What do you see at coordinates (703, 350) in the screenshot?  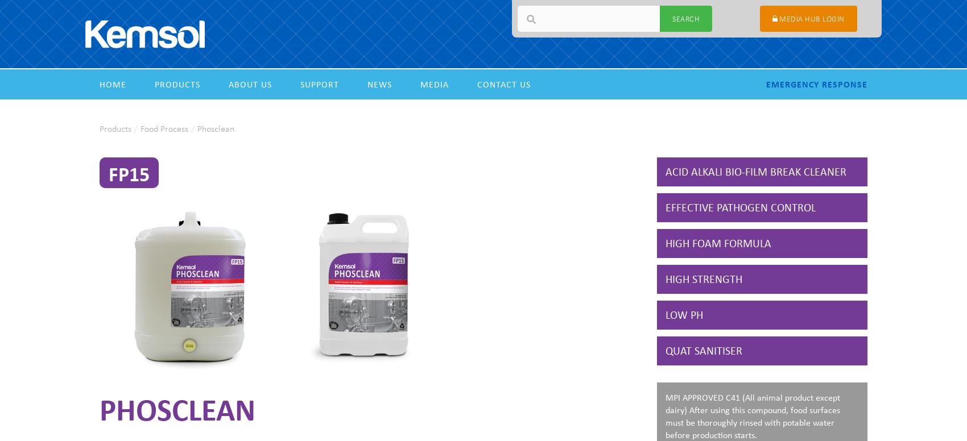 I see `'QUAT SANITISER'` at bounding box center [703, 350].